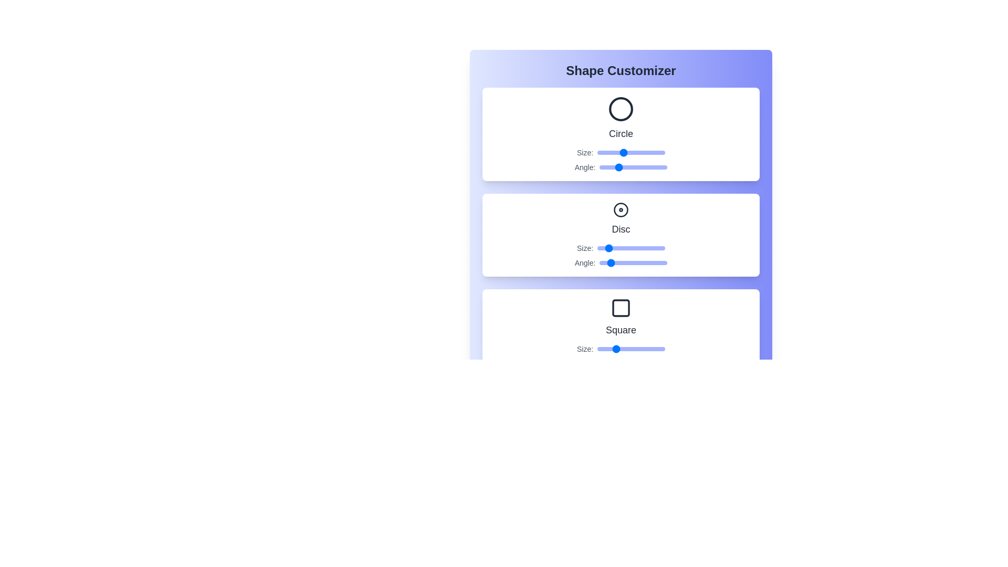  I want to click on the size slider of the Square shape to 57, so click(628, 349).